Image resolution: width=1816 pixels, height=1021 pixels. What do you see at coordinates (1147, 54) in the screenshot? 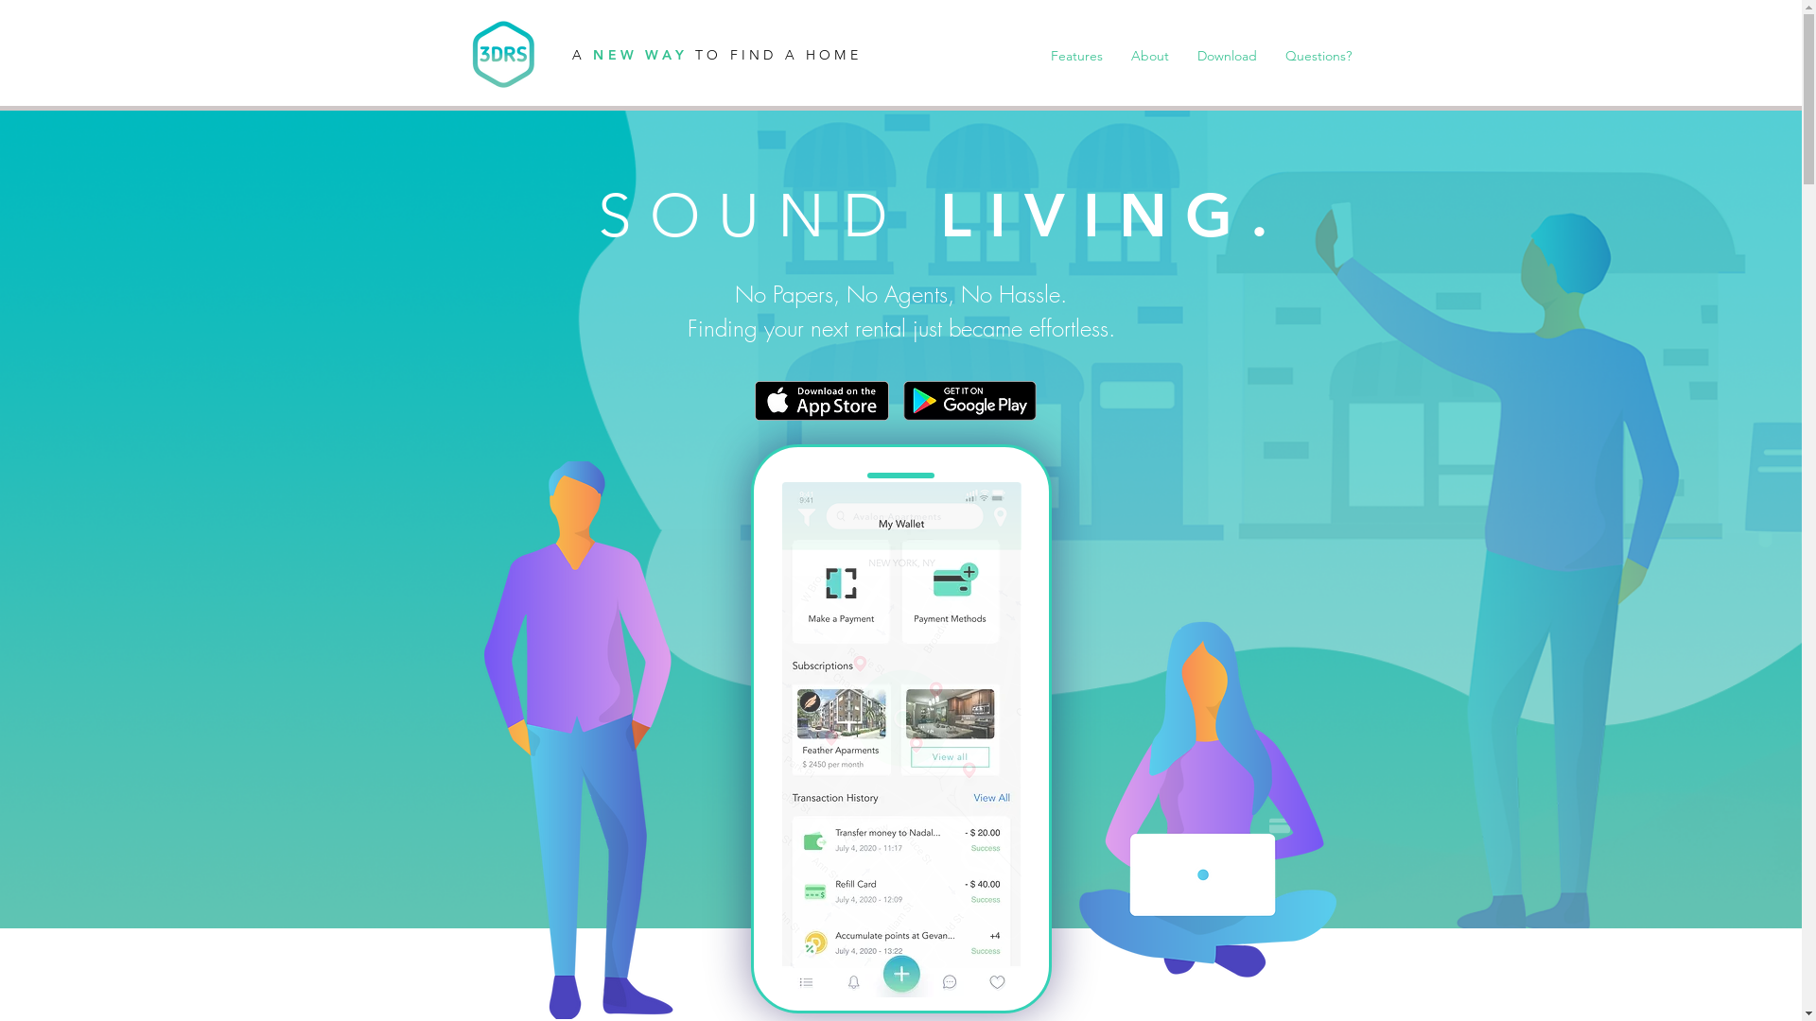
I see `'About'` at bounding box center [1147, 54].